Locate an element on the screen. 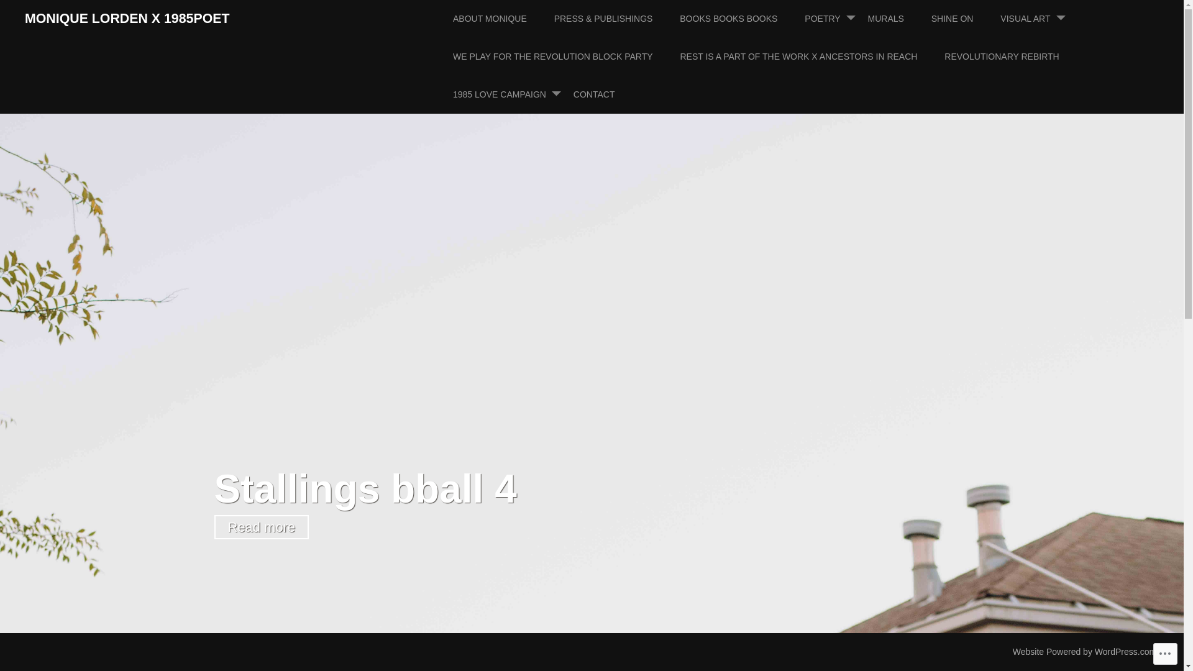  'VISUAL ART' is located at coordinates (1000, 19).